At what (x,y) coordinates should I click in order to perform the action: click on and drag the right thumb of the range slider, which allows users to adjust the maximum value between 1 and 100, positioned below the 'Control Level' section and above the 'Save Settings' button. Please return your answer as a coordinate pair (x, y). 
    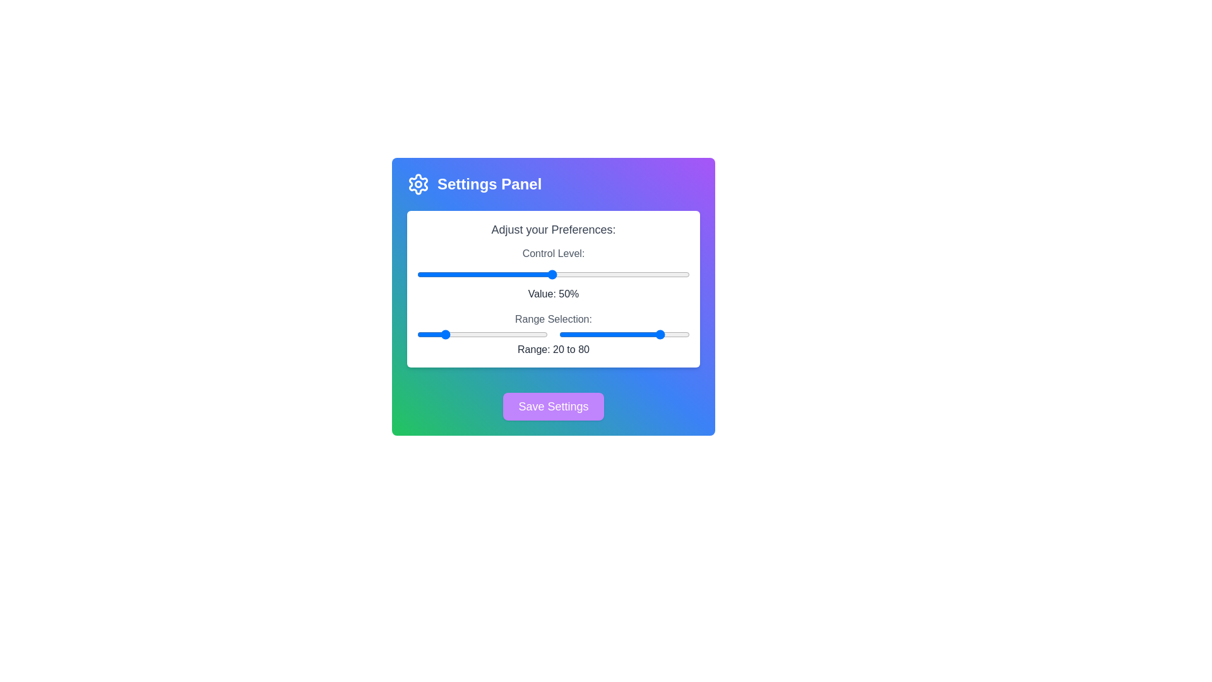
    Looking at the image, I should click on (554, 333).